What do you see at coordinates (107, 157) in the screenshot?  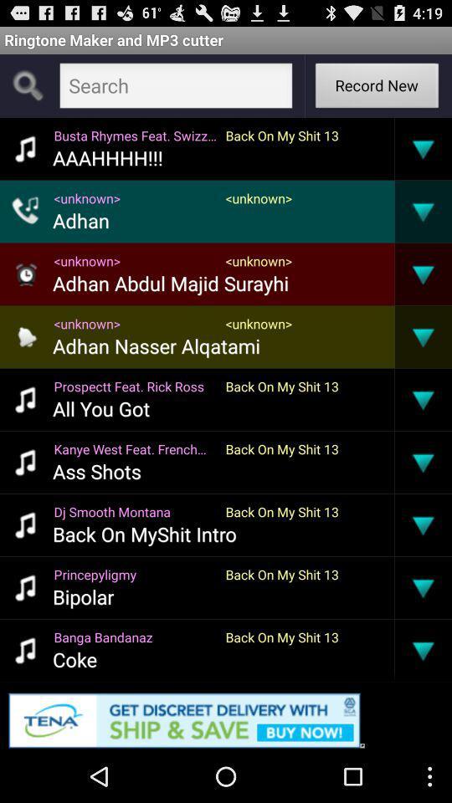 I see `the aaahhhh!!!` at bounding box center [107, 157].